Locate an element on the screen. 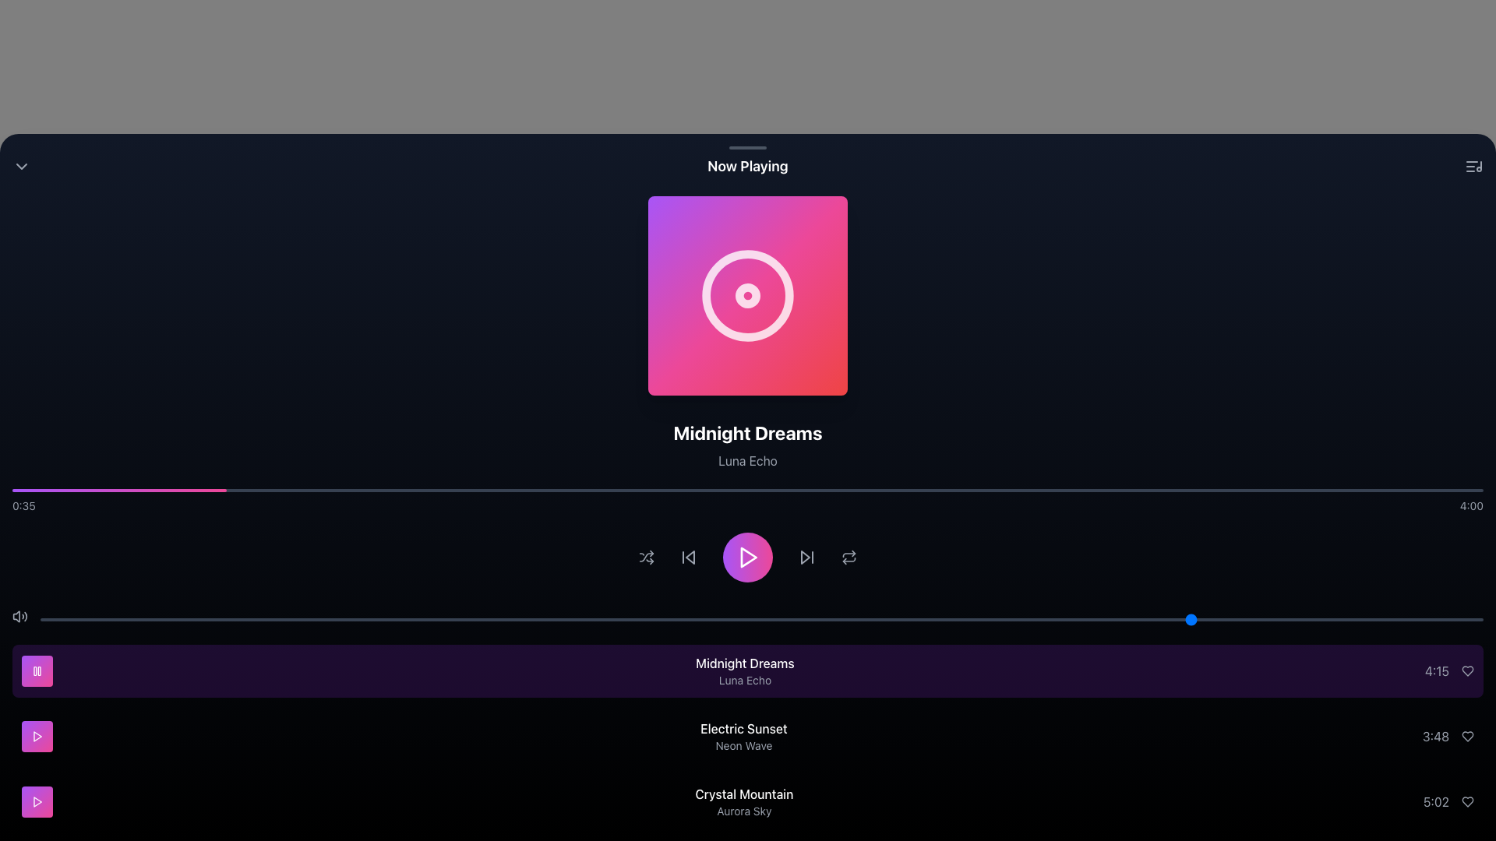  the heart icon used for favoriting songs, specifically the one for 'Electric Sunset', to change its color to pink is located at coordinates (1466, 736).